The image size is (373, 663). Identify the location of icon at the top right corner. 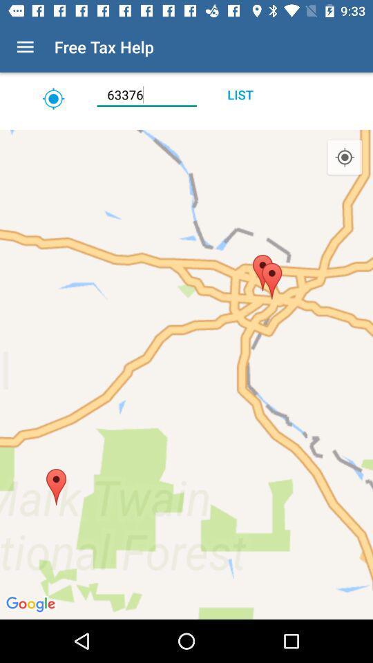
(344, 157).